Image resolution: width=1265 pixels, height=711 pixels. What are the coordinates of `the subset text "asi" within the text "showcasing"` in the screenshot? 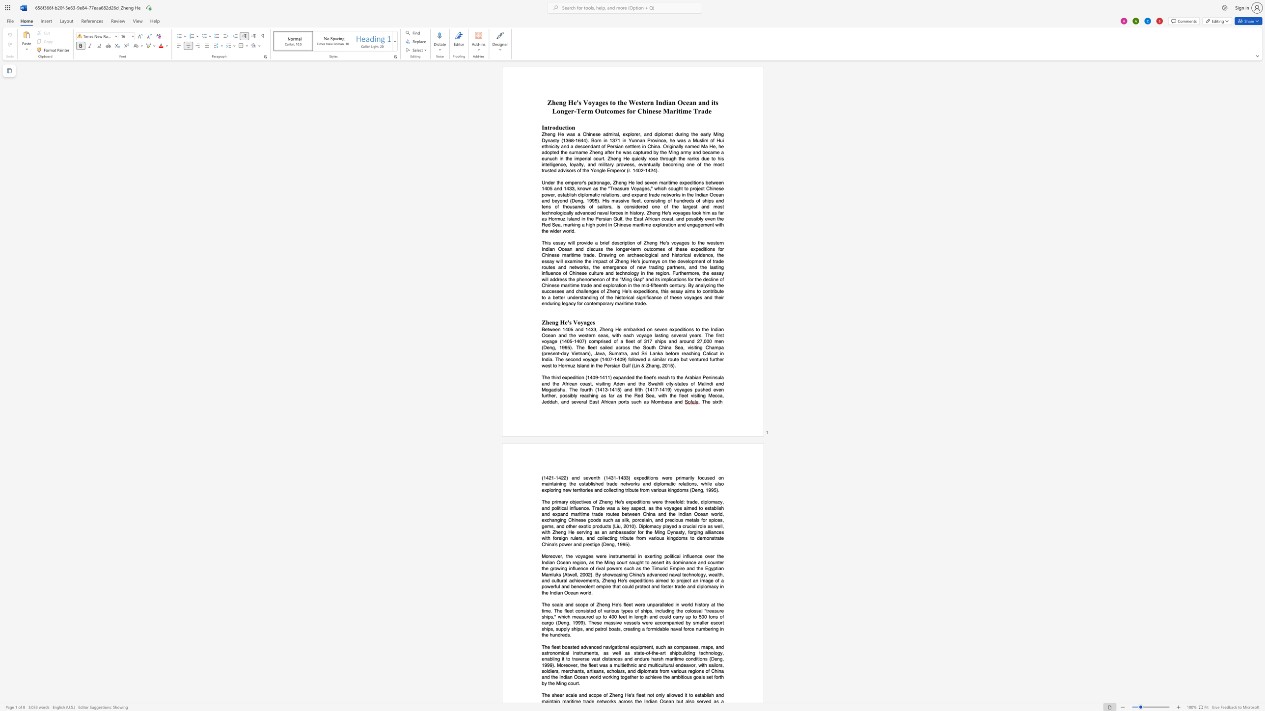 It's located at (615, 574).